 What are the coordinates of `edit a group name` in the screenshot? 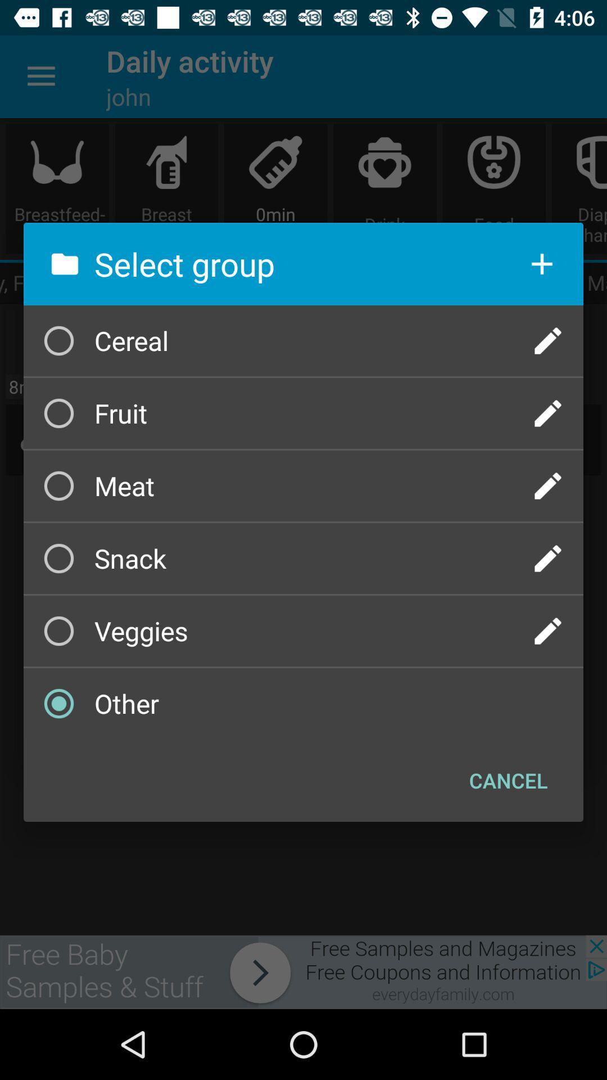 It's located at (547, 412).